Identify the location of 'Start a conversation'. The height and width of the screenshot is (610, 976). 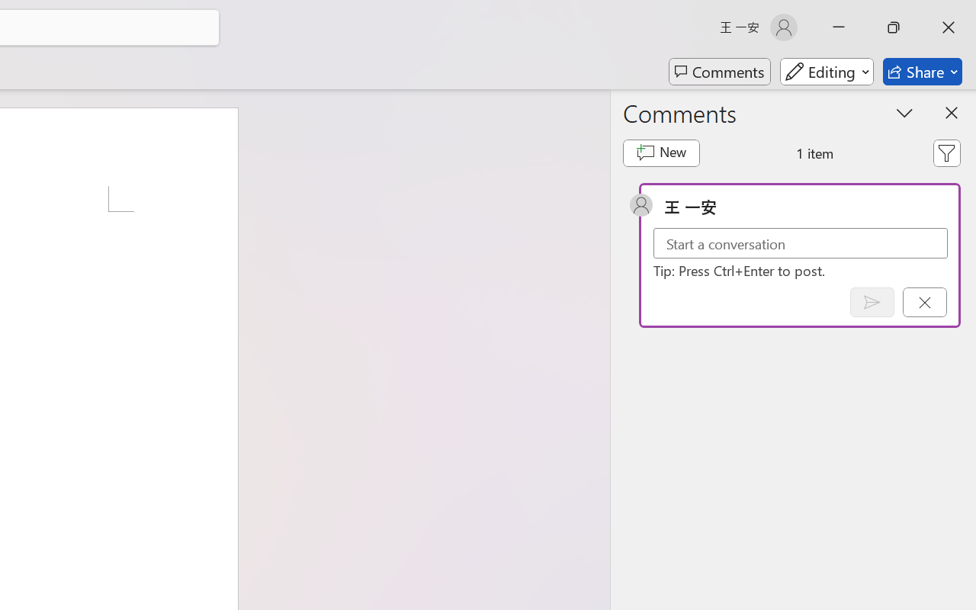
(800, 242).